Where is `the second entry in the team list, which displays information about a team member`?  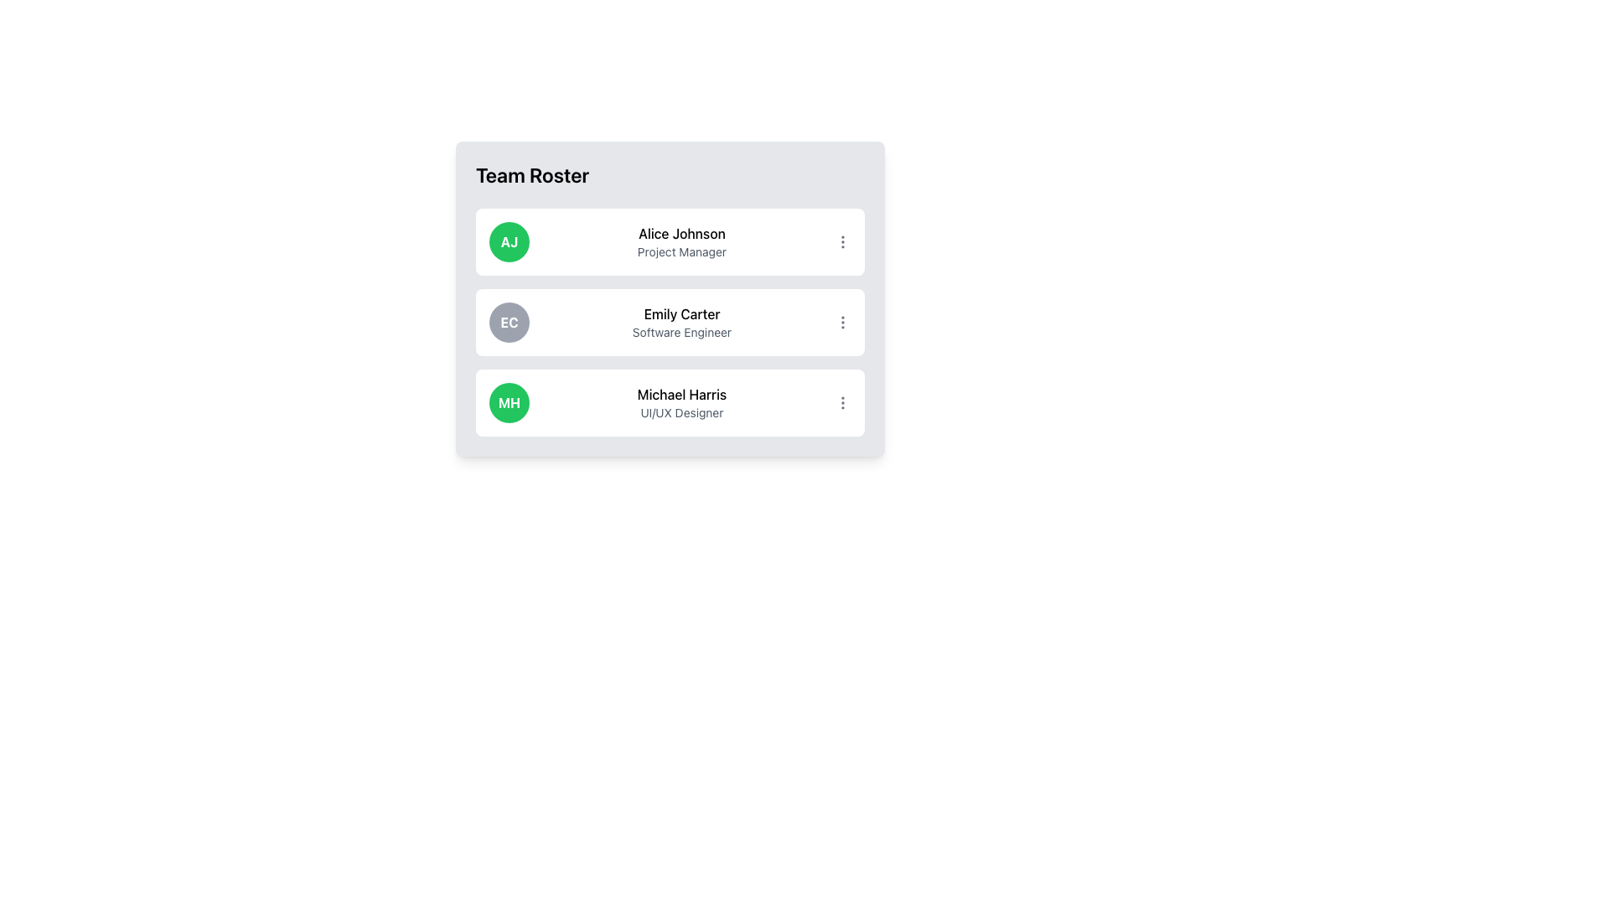 the second entry in the team list, which displays information about a team member is located at coordinates (670, 298).